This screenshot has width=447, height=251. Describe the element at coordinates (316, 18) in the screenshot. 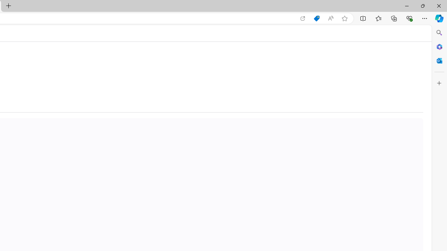

I see `'Shopping in Microsoft Edge'` at that location.